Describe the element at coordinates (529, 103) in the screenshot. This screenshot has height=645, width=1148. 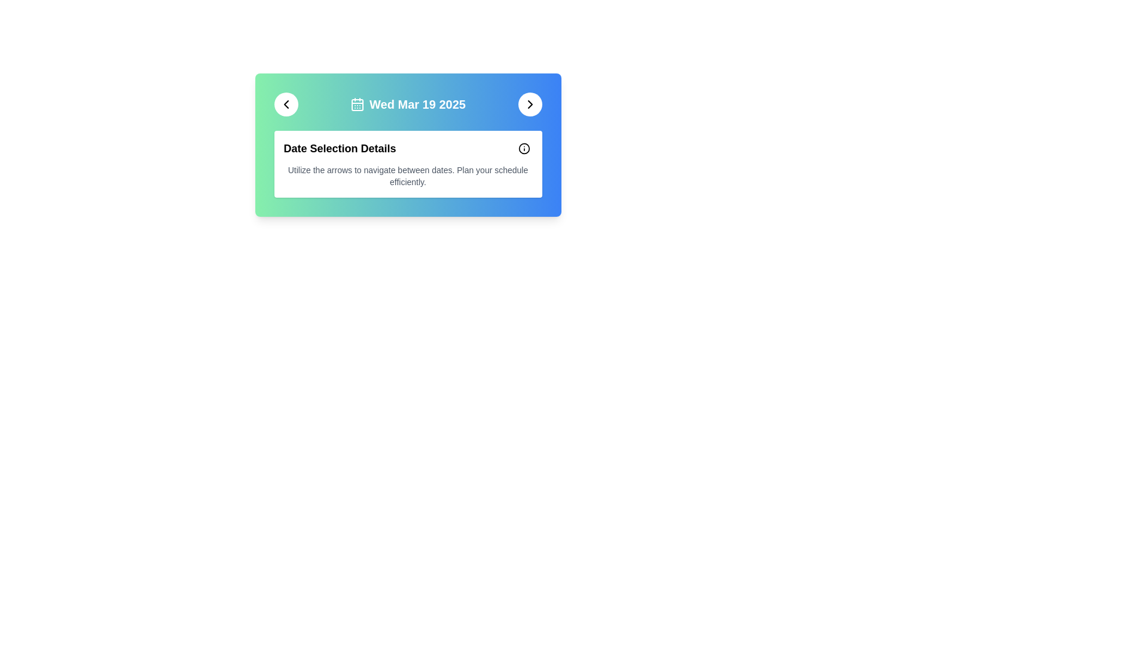
I see `the navigation icon (chevron-right) located in the top-right corner of the blue section` at that location.